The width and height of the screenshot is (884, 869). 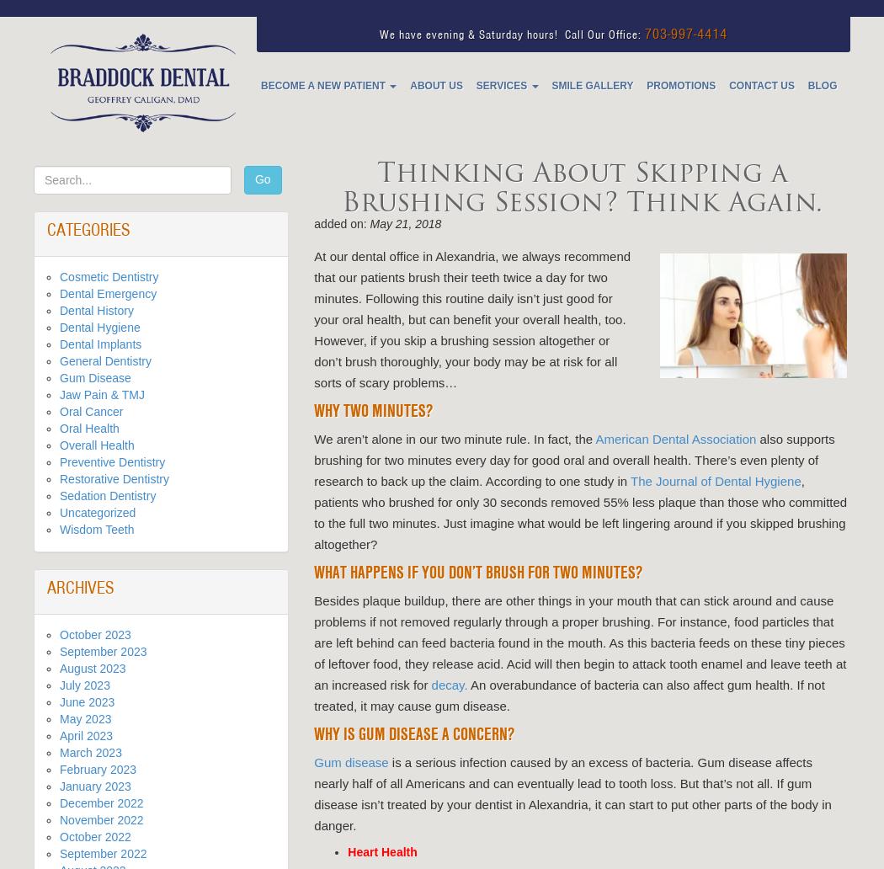 What do you see at coordinates (95, 311) in the screenshot?
I see `'Dental History'` at bounding box center [95, 311].